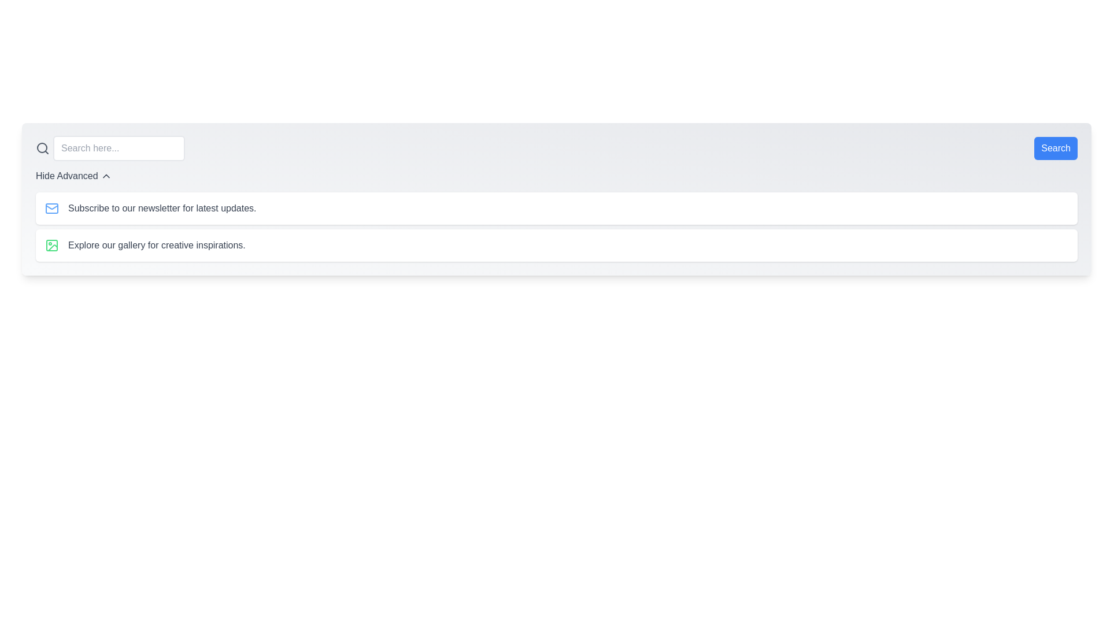  I want to click on the rectangular SVG element that forms the outer portion of the mail icon, located to the left of the text 'Subscribe to our newsletter for latest updates.', so click(51, 209).